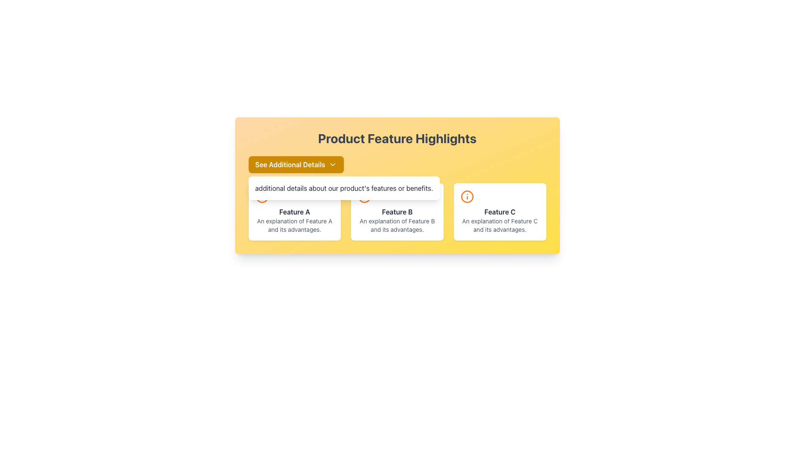 Image resolution: width=812 pixels, height=456 pixels. What do you see at coordinates (397, 164) in the screenshot?
I see `the Dropdown Button labeled 'See Additional Details' with a yellow background for keyboard navigation` at bounding box center [397, 164].